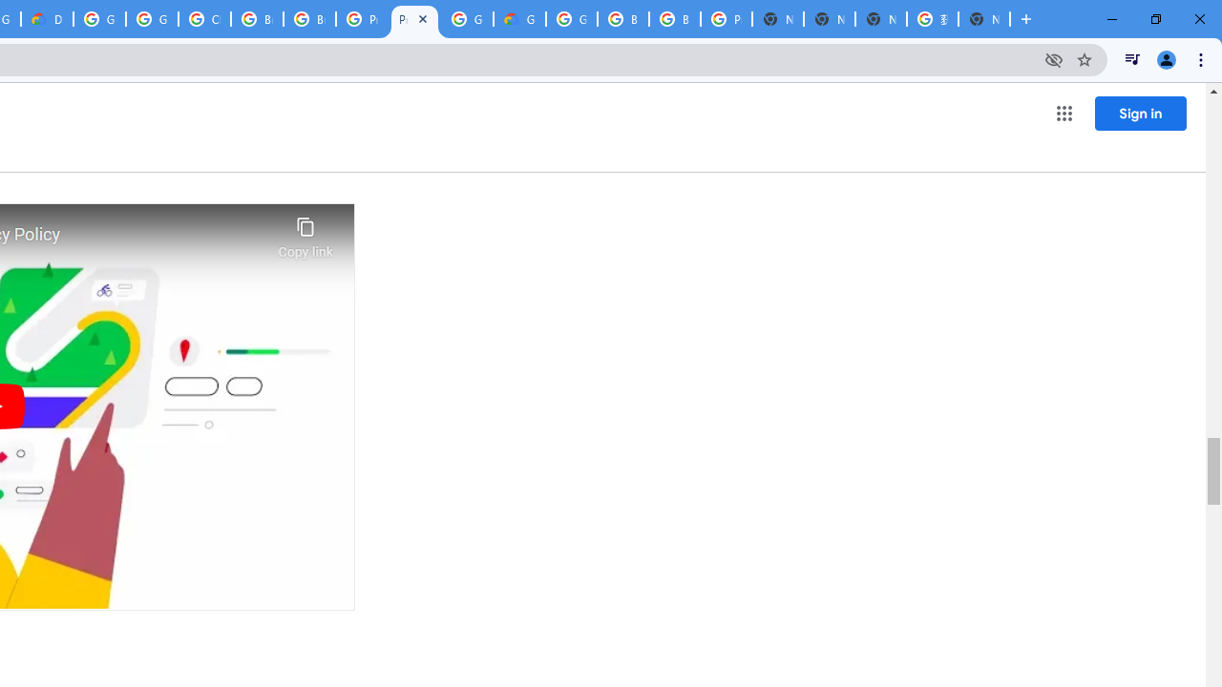  What do you see at coordinates (1131, 58) in the screenshot?
I see `'Control your music, videos, and more'` at bounding box center [1131, 58].